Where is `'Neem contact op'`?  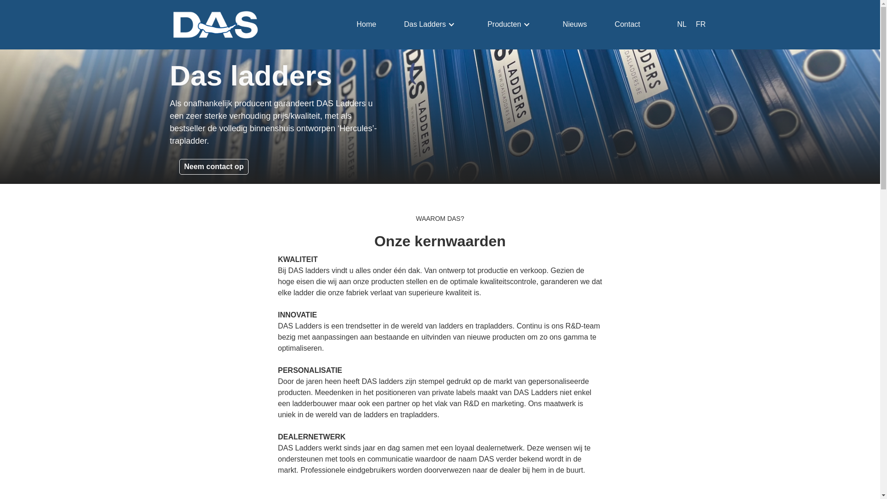 'Neem contact op' is located at coordinates (213, 167).